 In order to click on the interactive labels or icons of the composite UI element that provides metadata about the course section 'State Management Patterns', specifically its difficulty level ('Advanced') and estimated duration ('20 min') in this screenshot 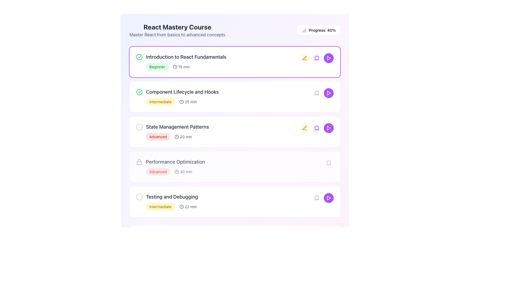, I will do `click(223, 137)`.